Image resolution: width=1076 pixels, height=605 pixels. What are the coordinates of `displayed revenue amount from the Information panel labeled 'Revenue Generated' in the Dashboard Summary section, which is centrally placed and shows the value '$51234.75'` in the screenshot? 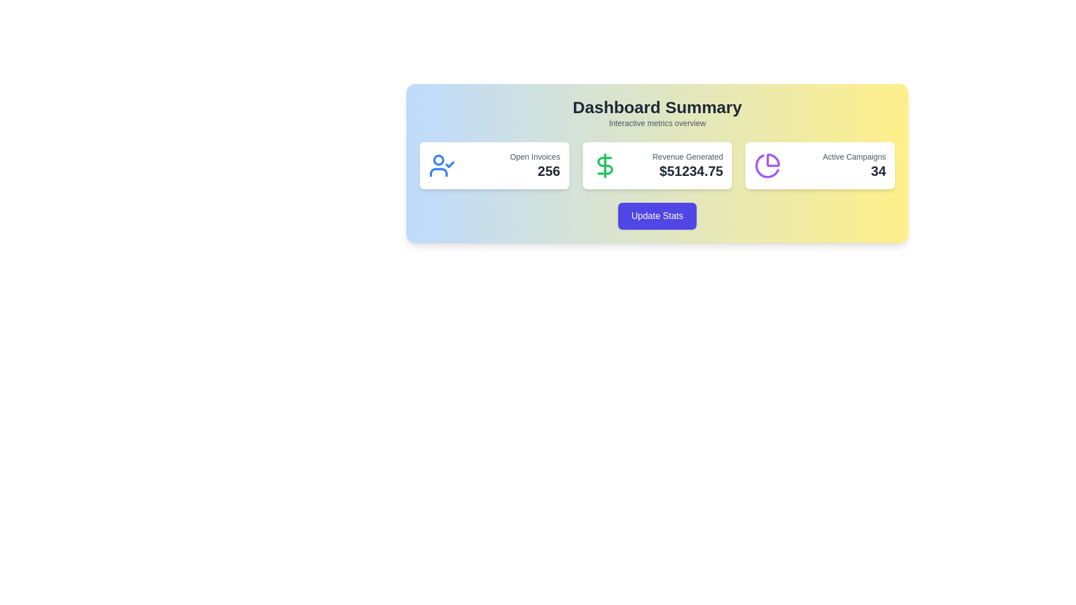 It's located at (657, 164).